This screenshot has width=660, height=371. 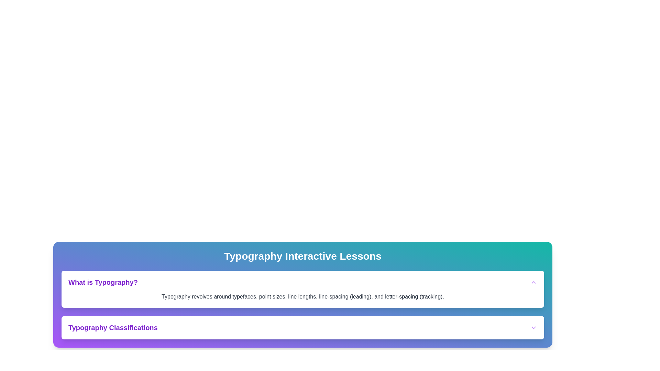 What do you see at coordinates (533, 327) in the screenshot?
I see `the purple chevron icon on the right side of the 'Typography Classifications' row` at bounding box center [533, 327].